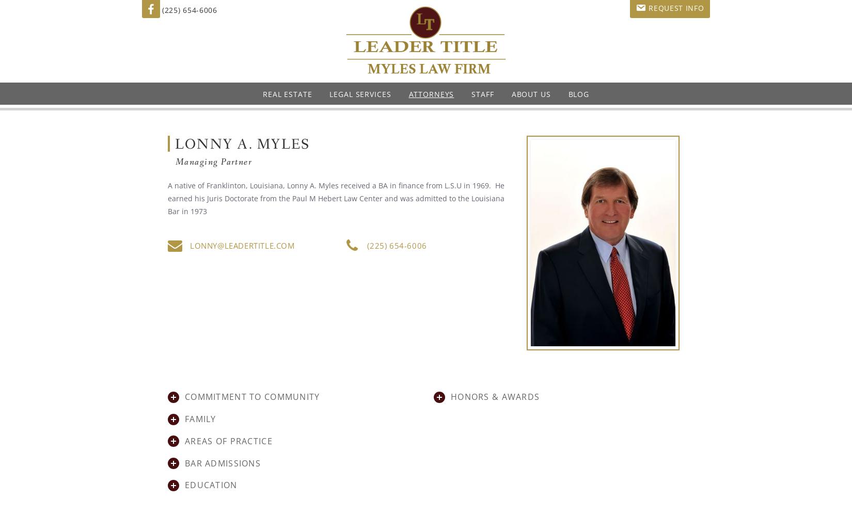  Describe the element at coordinates (241, 245) in the screenshot. I see `'lonny@leadertitle.com'` at that location.